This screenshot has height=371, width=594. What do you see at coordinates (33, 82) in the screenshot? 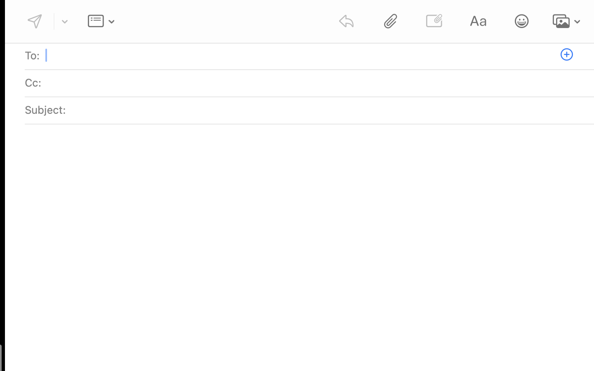
I see `'Cc:'` at bounding box center [33, 82].